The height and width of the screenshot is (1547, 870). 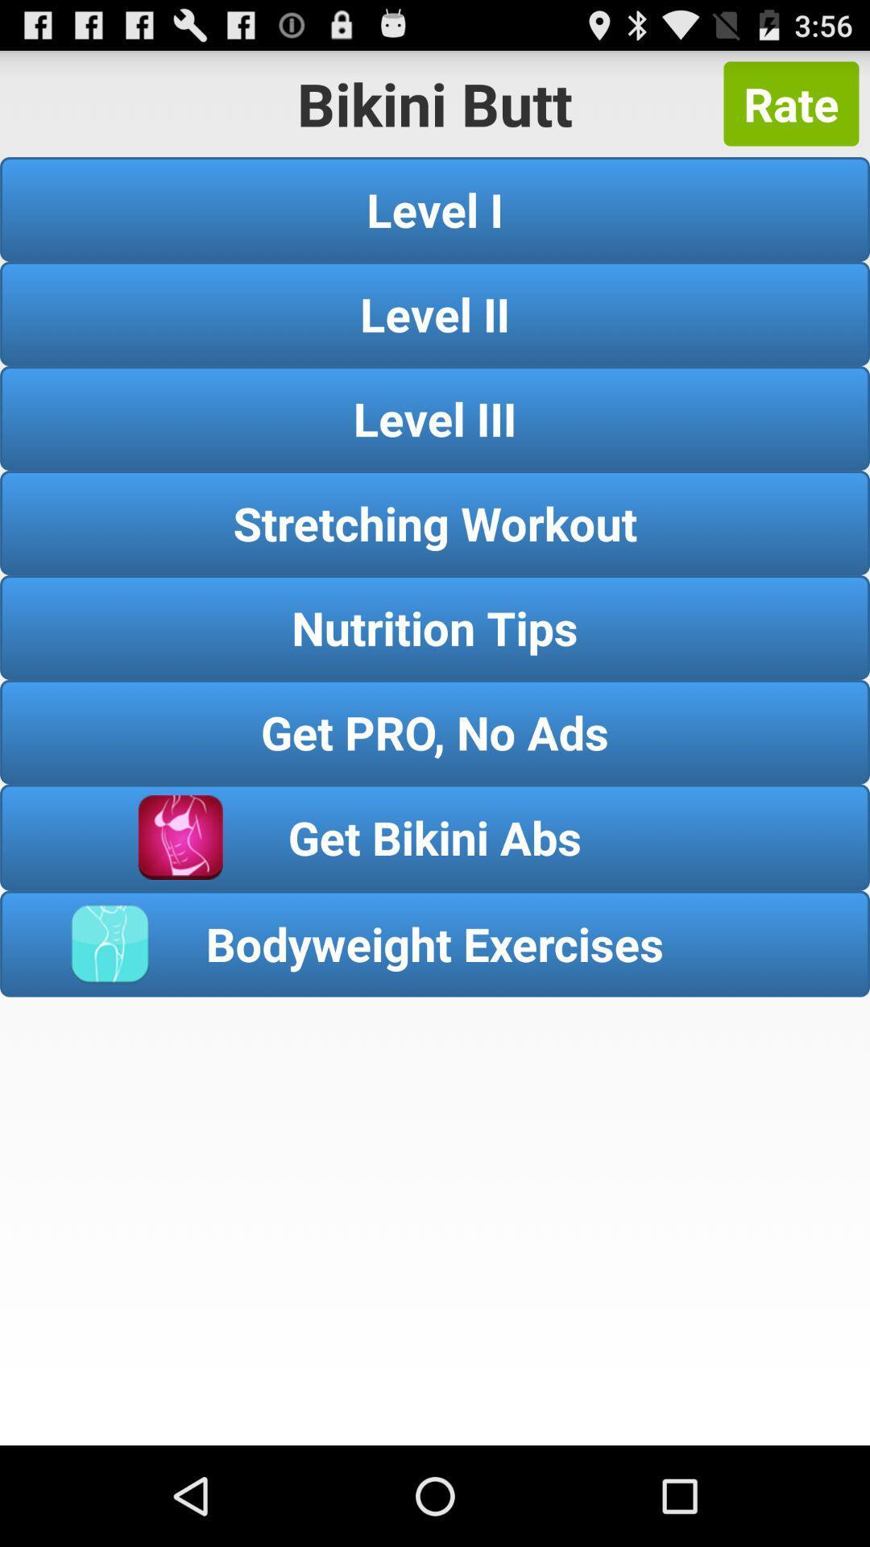 What do you see at coordinates (435, 626) in the screenshot?
I see `nutrition tips` at bounding box center [435, 626].